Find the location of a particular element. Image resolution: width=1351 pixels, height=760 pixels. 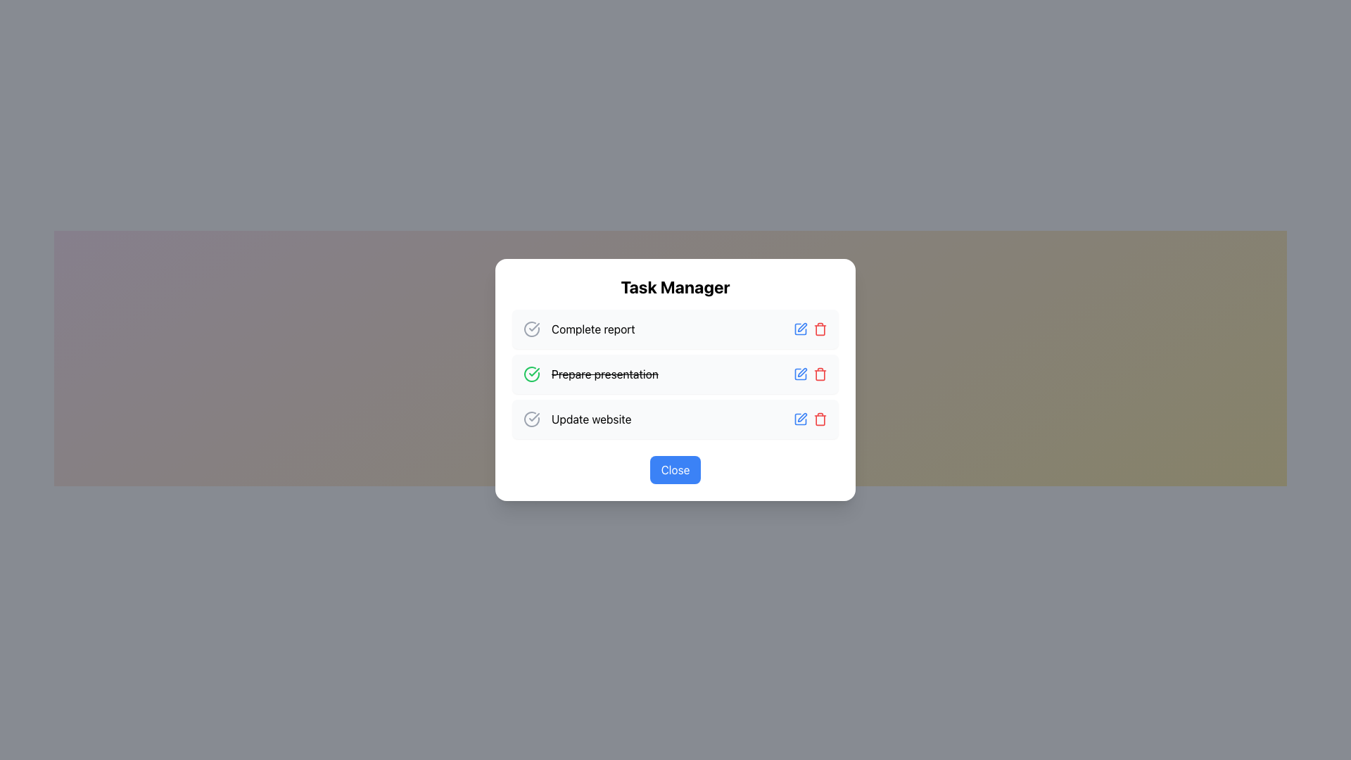

the 'Update website' text label with icon, which features a circled checkmark and is located in the third row under the 'Task Manager' heading in the modal is located at coordinates (577, 419).